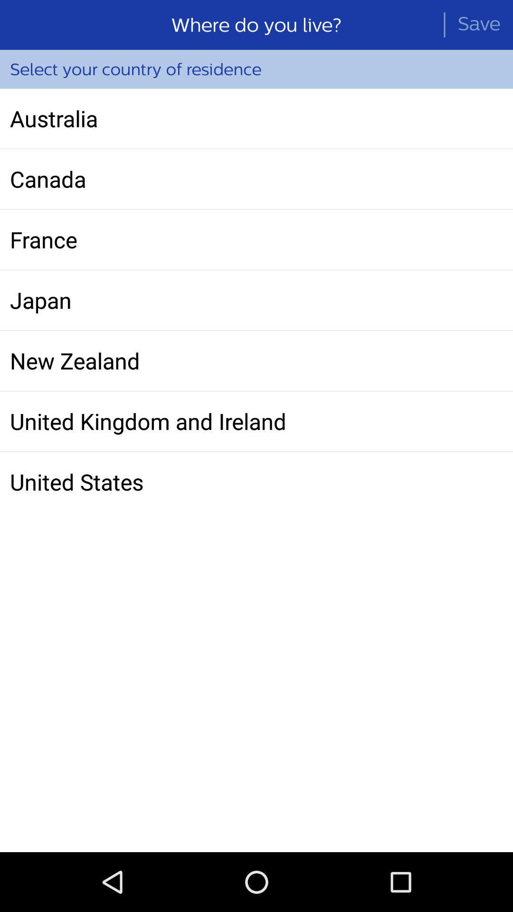 The image size is (513, 912). What do you see at coordinates (256, 300) in the screenshot?
I see `icon above the new zealand icon` at bounding box center [256, 300].